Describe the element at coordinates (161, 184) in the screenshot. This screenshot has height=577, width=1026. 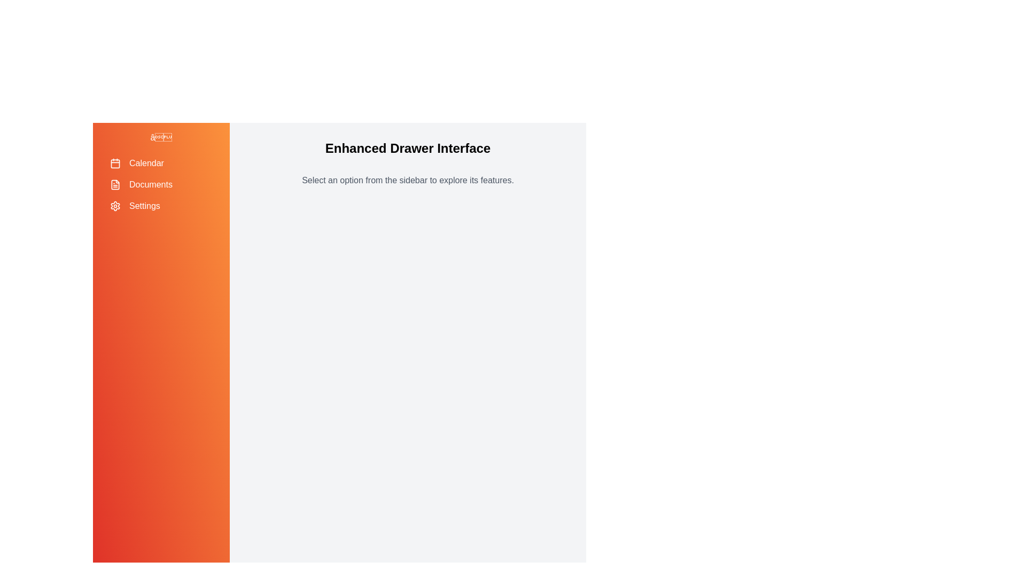
I see `the menu item Documents to navigate` at that location.